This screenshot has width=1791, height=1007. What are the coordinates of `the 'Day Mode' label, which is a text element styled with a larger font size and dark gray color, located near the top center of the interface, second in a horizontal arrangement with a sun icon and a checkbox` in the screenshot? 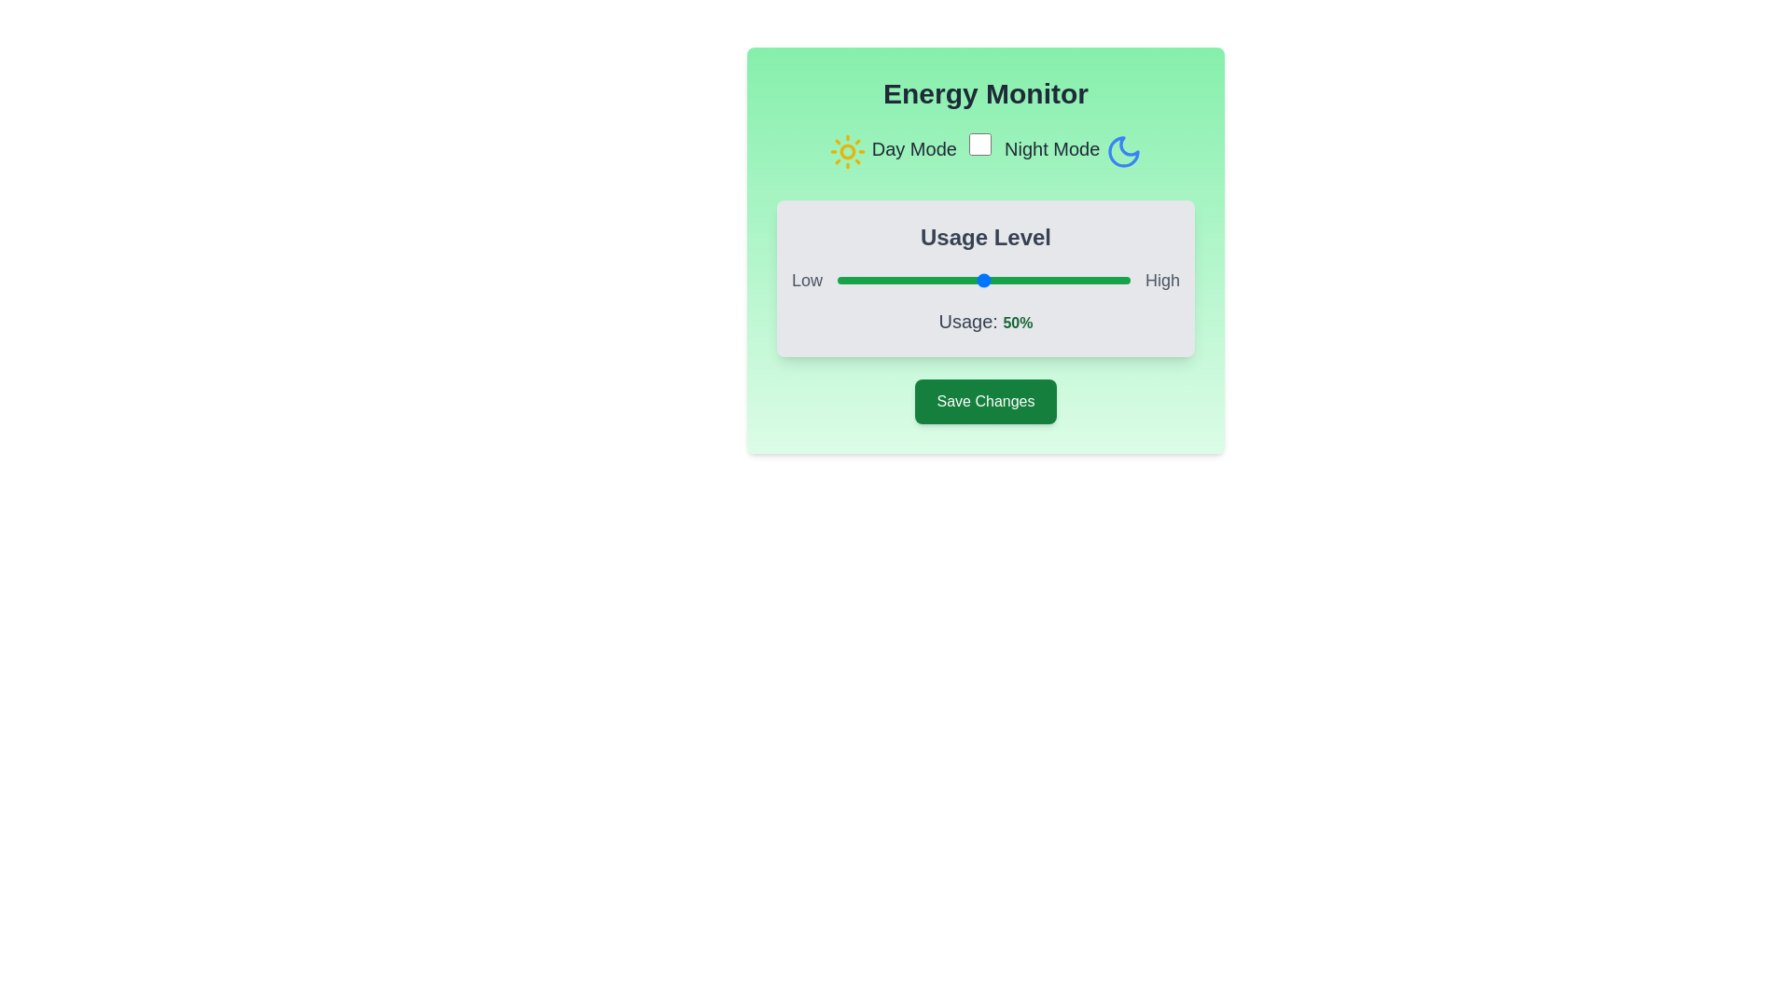 It's located at (914, 148).